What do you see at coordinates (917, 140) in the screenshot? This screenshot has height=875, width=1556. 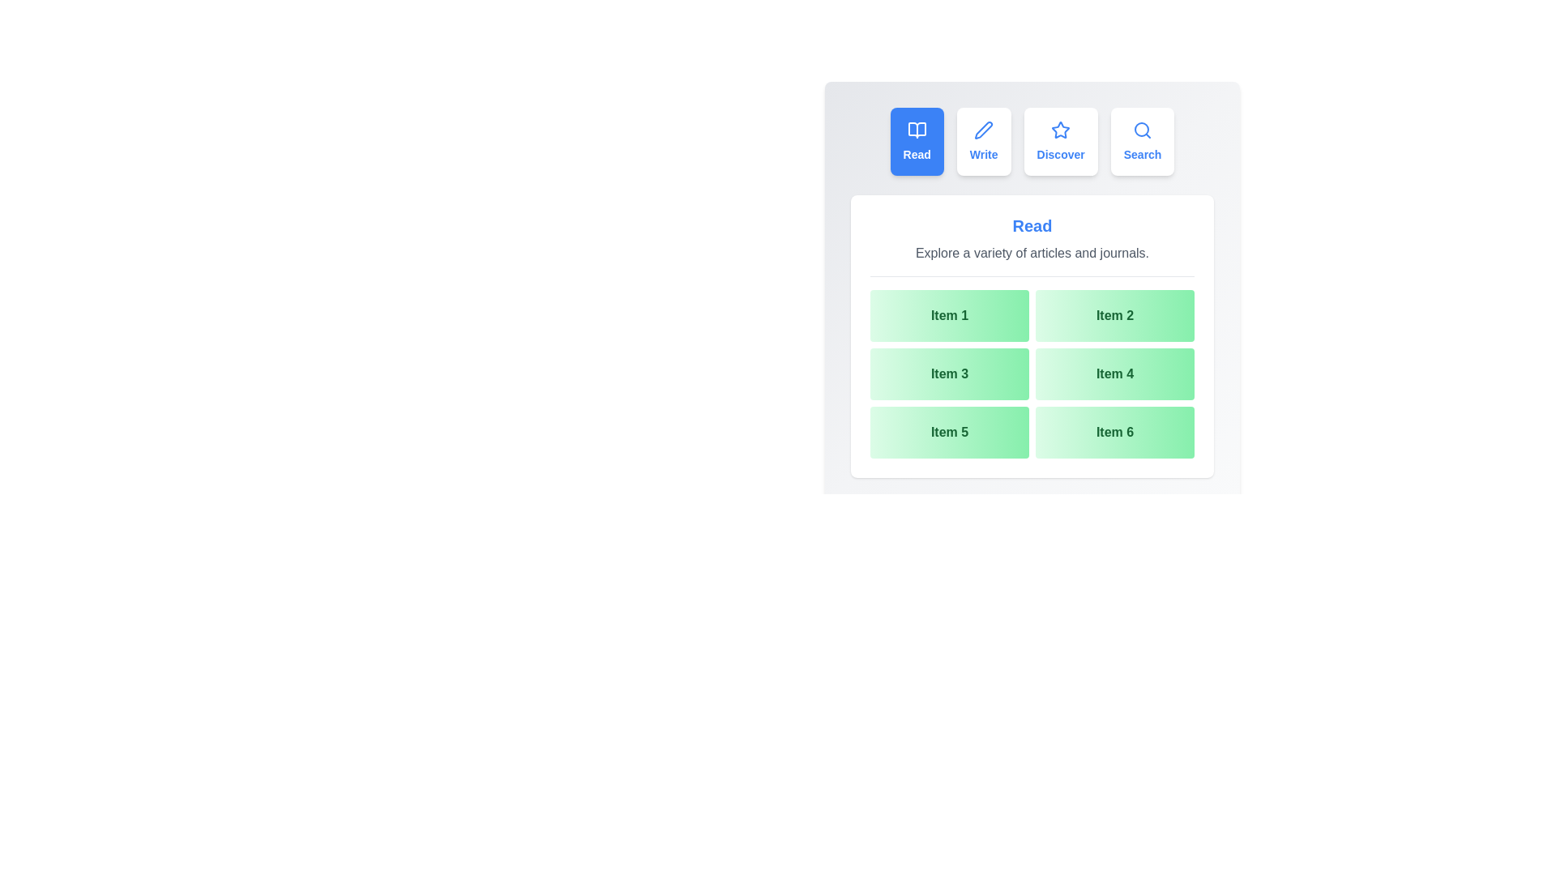 I see `the tab labeled Read to preview its hover effect` at bounding box center [917, 140].